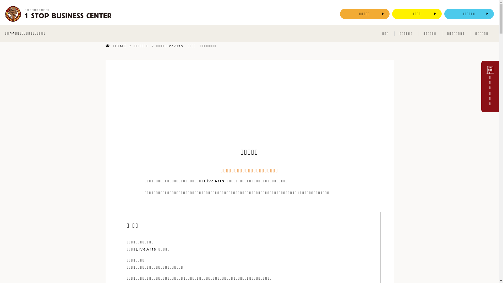  What do you see at coordinates (119, 46) in the screenshot?
I see `'HOME'` at bounding box center [119, 46].